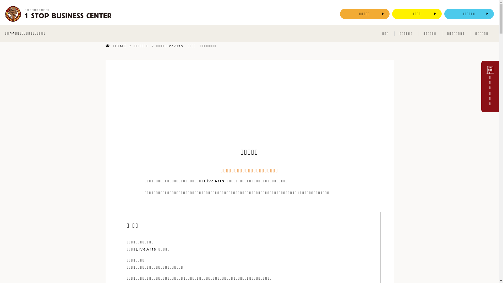  What do you see at coordinates (119, 46) in the screenshot?
I see `'HOME'` at bounding box center [119, 46].